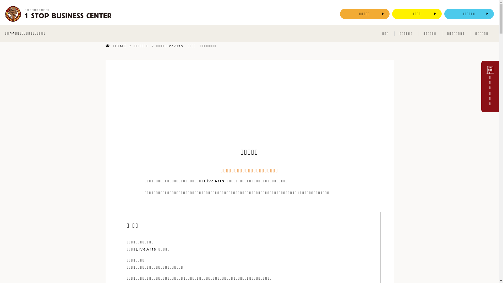  What do you see at coordinates (119, 46) in the screenshot?
I see `'HOME'` at bounding box center [119, 46].